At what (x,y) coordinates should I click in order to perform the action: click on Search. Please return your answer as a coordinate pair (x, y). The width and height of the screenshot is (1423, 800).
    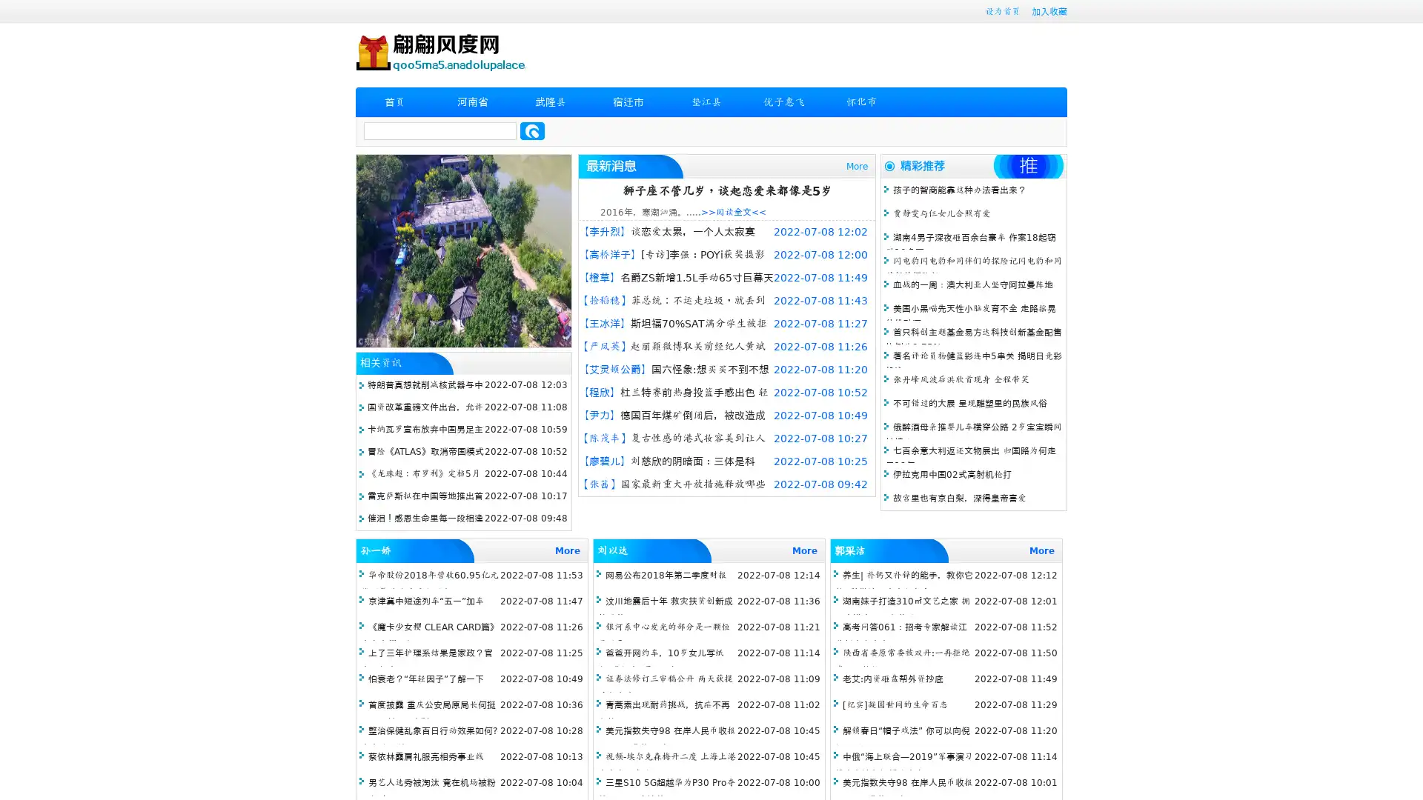
    Looking at the image, I should click on (532, 130).